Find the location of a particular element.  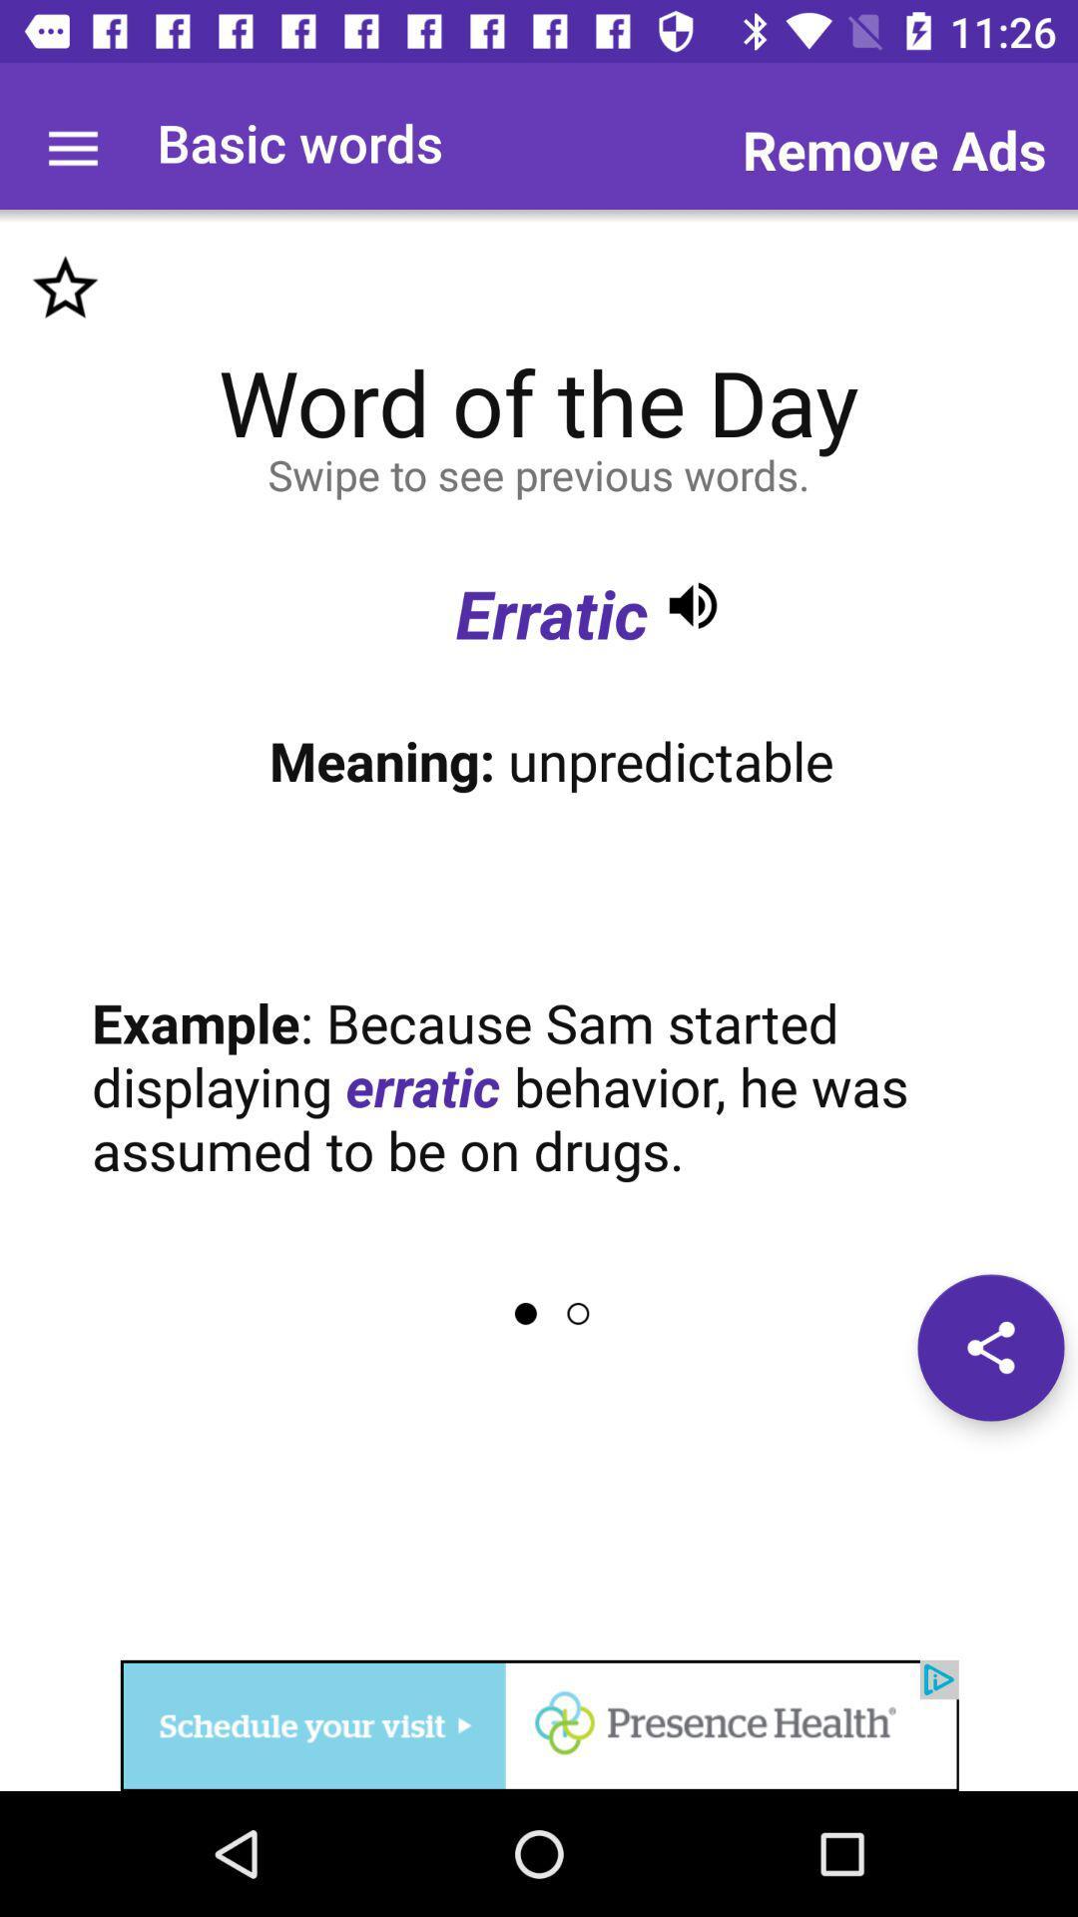

sound button is located at coordinates (692, 604).